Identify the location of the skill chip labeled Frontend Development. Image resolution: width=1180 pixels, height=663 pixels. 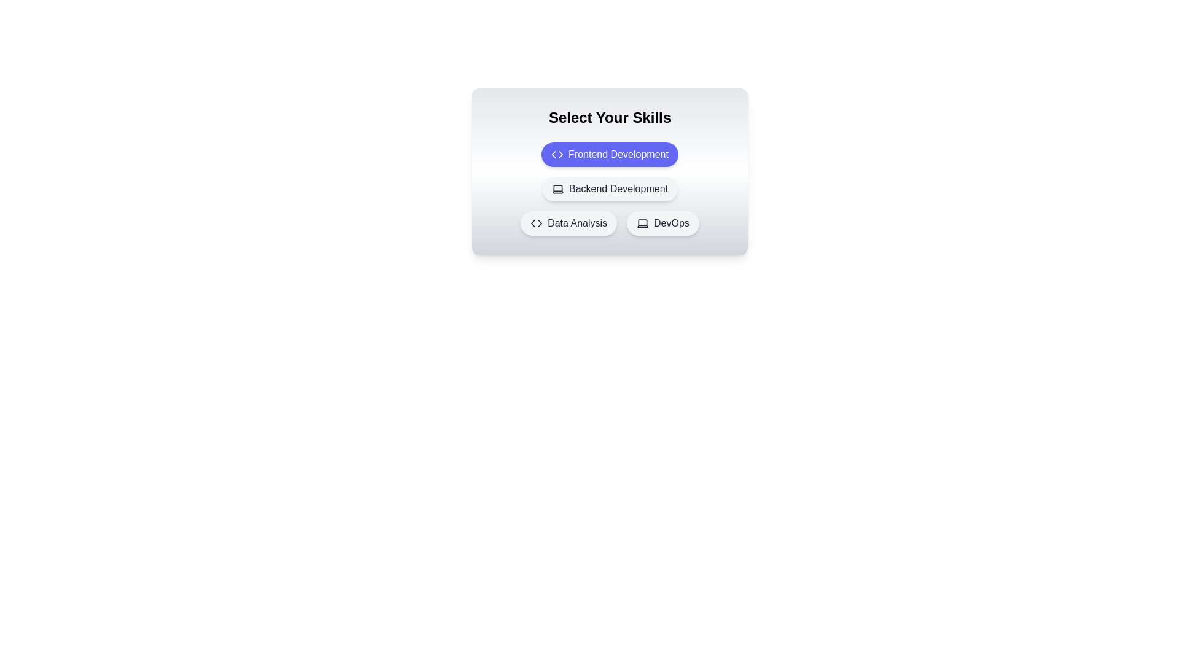
(610, 153).